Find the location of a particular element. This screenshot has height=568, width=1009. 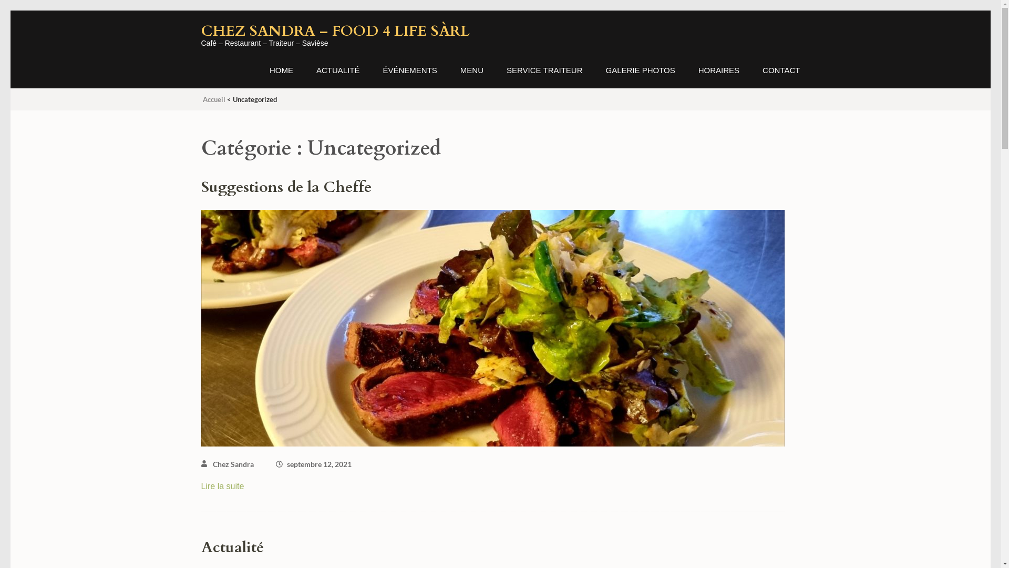

'CONTACT' is located at coordinates (781, 76).